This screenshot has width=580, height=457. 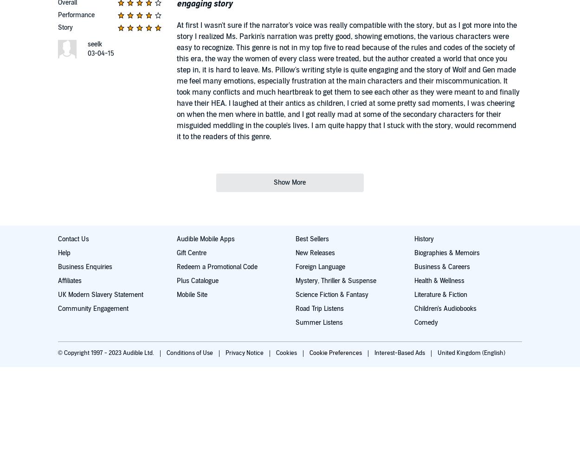 I want to click on '© Copyright 1997 - 2023 Audible Ltd.', so click(x=106, y=353).